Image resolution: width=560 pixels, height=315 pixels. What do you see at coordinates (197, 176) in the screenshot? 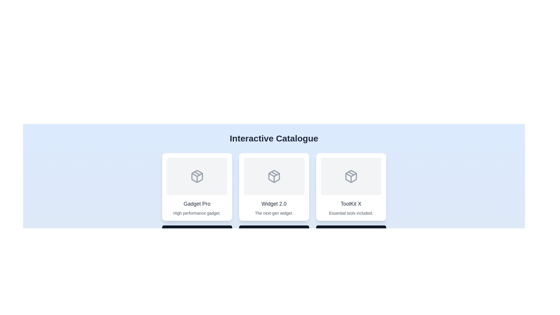
I see `the visual representation of the gray three-dimensional cube icon, which is the leftmost icon in the row of three cards under the 'Interactive Catalogue' header, enclosed within the 'Gadget Pro' card` at bounding box center [197, 176].